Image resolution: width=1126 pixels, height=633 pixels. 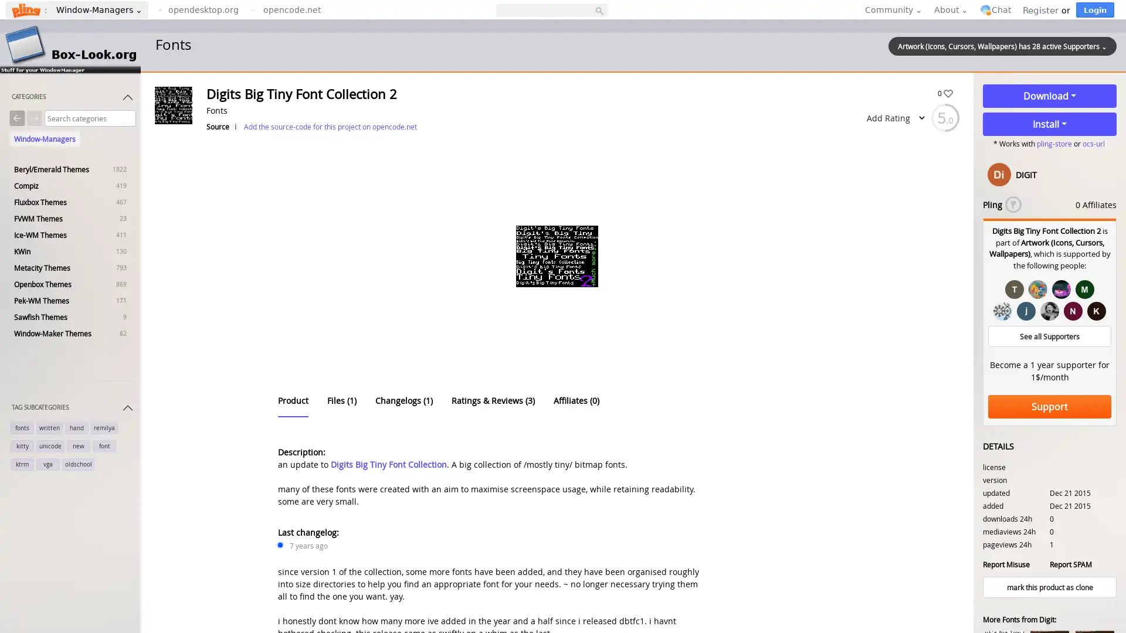 What do you see at coordinates (1050, 587) in the screenshot?
I see `mark this product as clone` at bounding box center [1050, 587].